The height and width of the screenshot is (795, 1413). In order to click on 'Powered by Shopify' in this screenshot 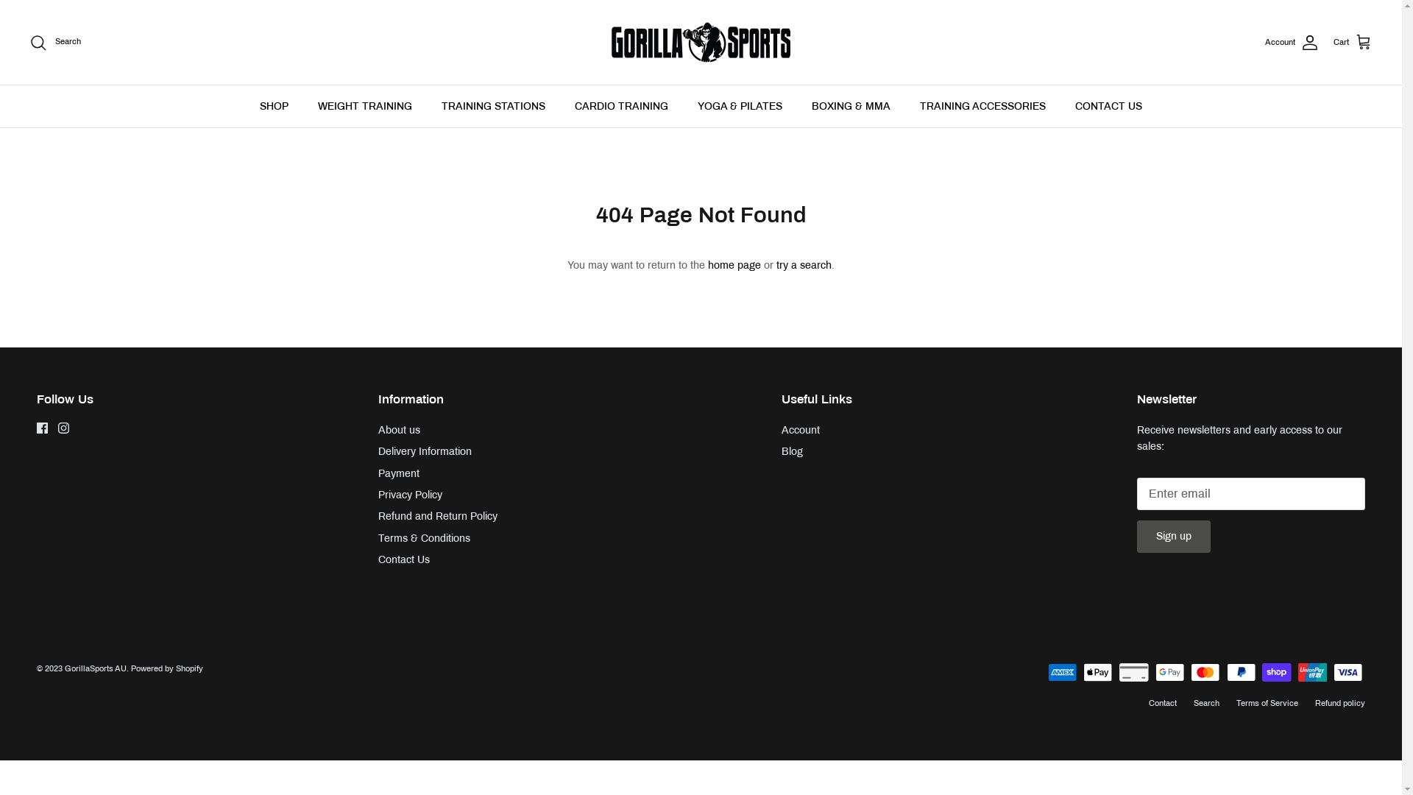, I will do `click(166, 668)`.